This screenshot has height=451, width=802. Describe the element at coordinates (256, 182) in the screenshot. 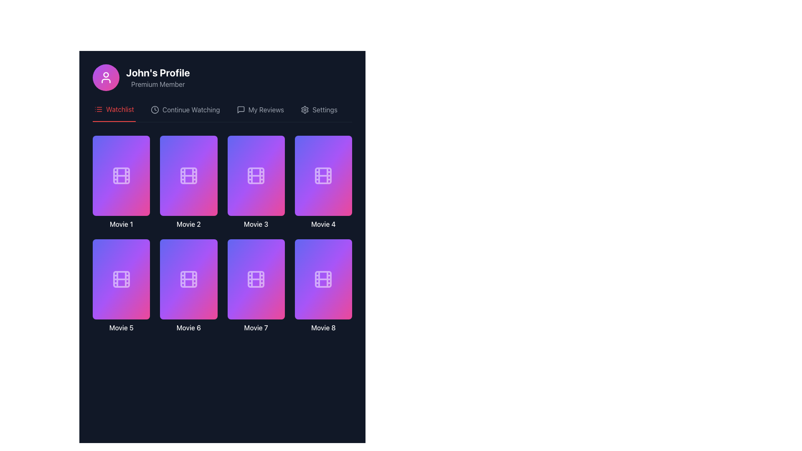

I see `the interactive media thumbnail representing the third movie in the grid to play the movie` at that location.